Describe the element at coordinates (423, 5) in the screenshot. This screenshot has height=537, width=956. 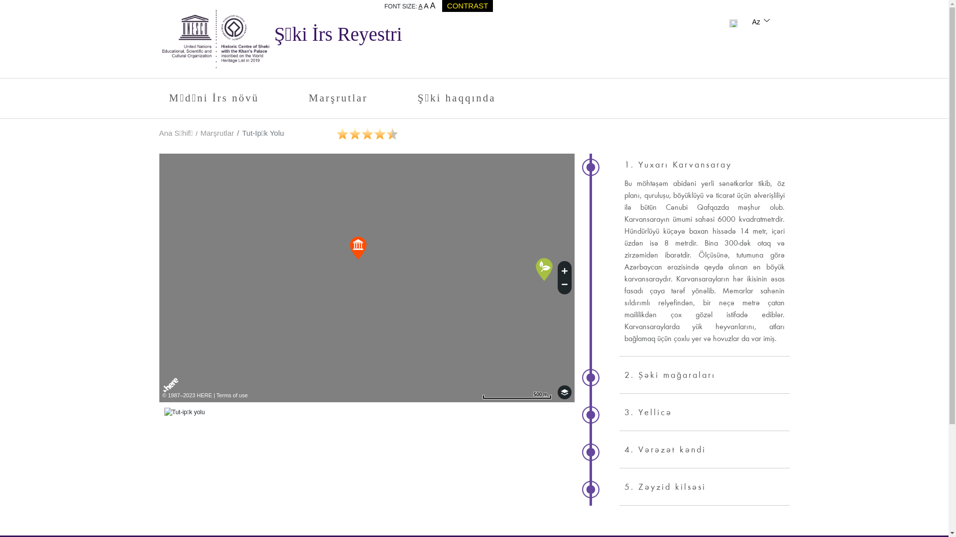
I see `'A'` at that location.